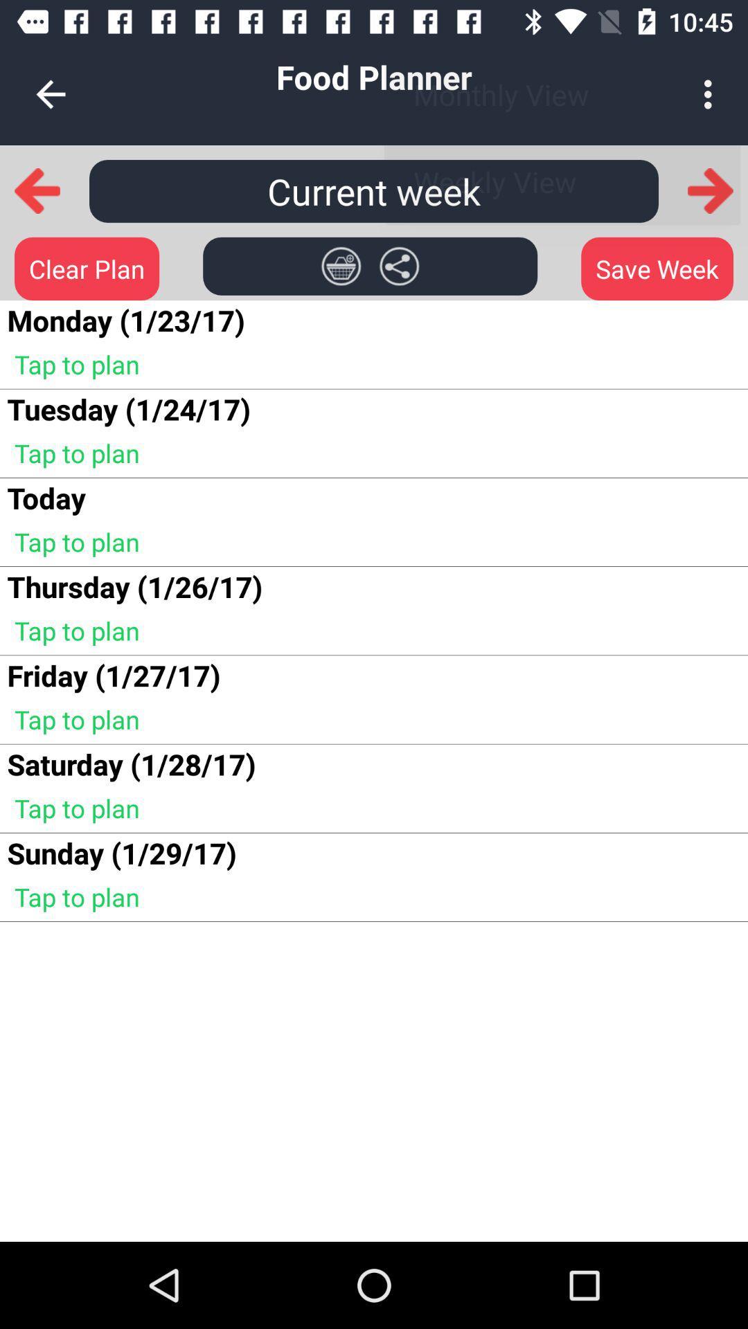 This screenshot has height=1329, width=748. What do you see at coordinates (657, 269) in the screenshot?
I see `the save week icon` at bounding box center [657, 269].